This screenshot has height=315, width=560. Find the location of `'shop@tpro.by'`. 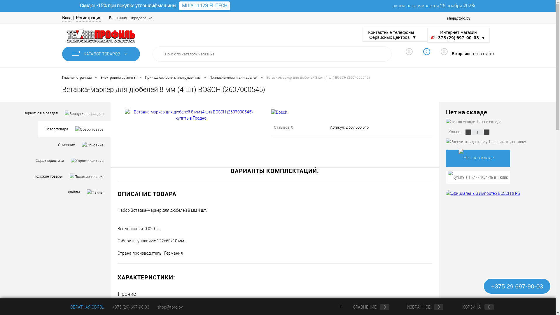

'shop@tpro.by' is located at coordinates (169, 307).